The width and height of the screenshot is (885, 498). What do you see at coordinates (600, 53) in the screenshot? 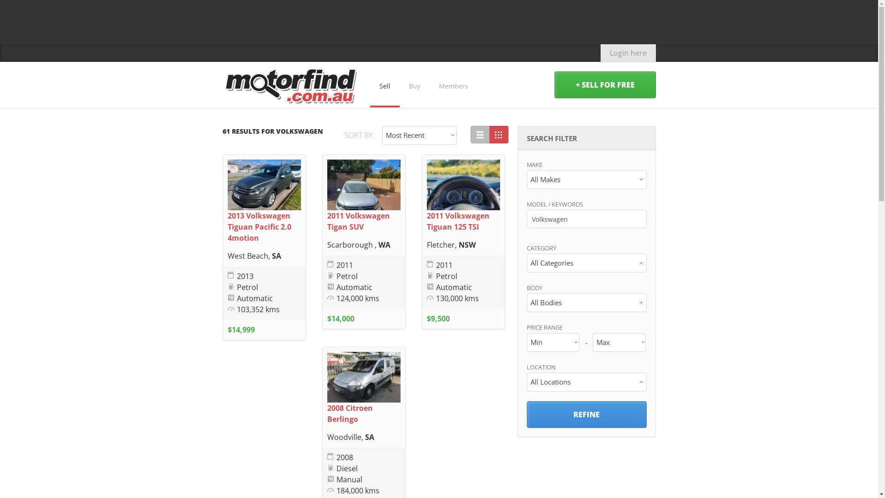
I see `'Login here'` at bounding box center [600, 53].